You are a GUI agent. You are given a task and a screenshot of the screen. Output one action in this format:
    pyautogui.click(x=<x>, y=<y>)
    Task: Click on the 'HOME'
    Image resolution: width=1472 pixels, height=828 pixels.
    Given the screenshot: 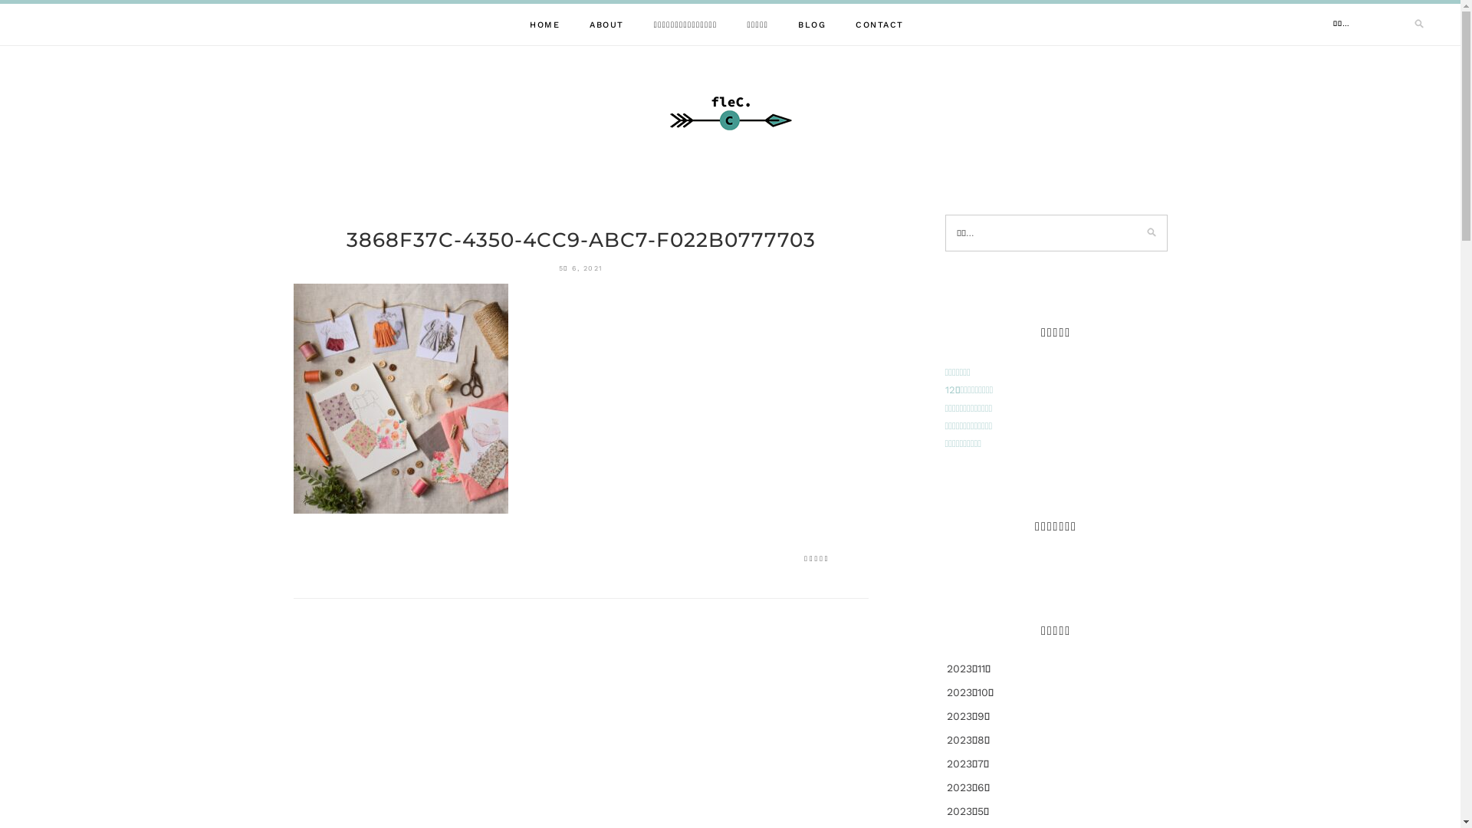 What is the action you would take?
    pyautogui.click(x=544, y=25)
    